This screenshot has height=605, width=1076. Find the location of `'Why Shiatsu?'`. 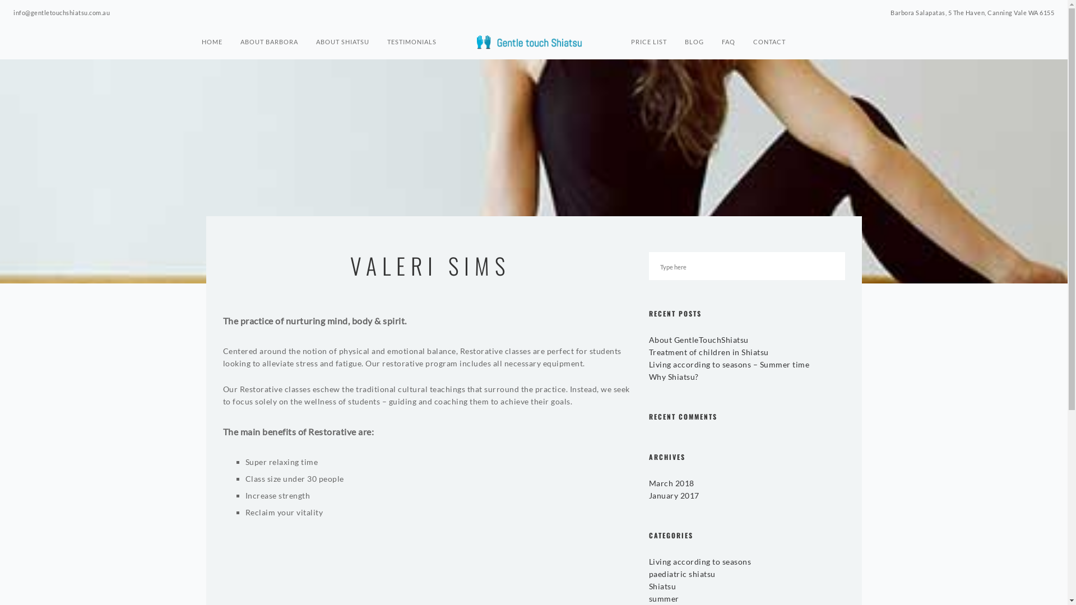

'Why Shiatsu?' is located at coordinates (648, 376).